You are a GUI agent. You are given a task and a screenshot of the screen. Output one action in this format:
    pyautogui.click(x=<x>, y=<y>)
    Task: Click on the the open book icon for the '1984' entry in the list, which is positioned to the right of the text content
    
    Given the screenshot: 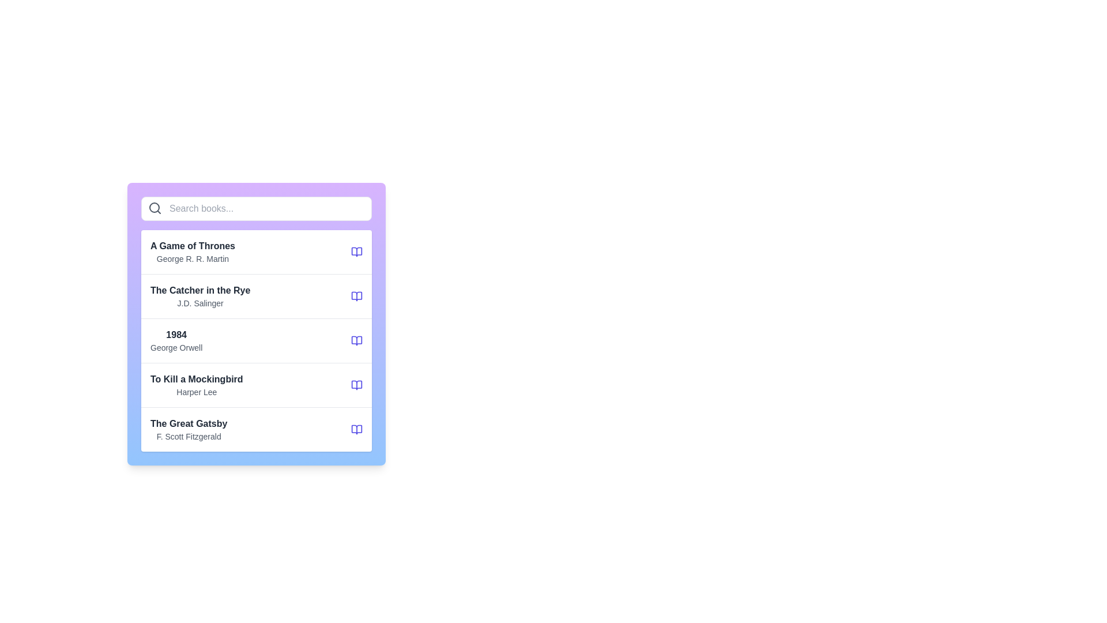 What is the action you would take?
    pyautogui.click(x=356, y=340)
    